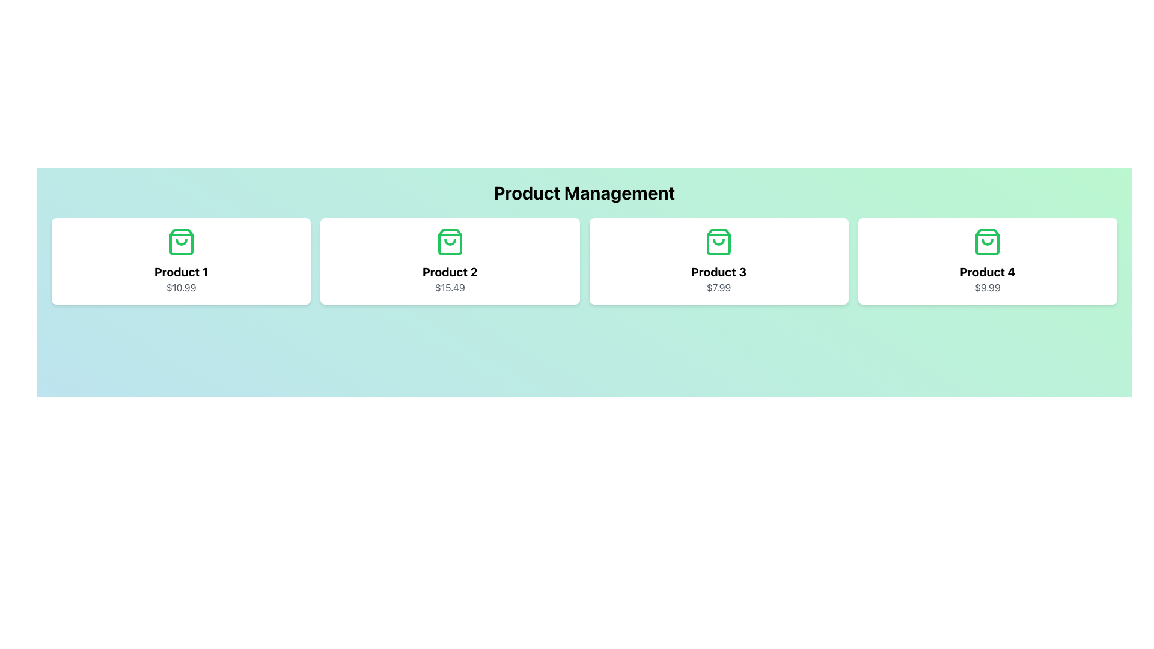 The height and width of the screenshot is (649, 1154). What do you see at coordinates (988, 272) in the screenshot?
I see `the text label that serves as the title of the product located in the fourth card of the horizontal grid, positioned below the green shopping bag icon and above the price text ('$9.99')` at bounding box center [988, 272].